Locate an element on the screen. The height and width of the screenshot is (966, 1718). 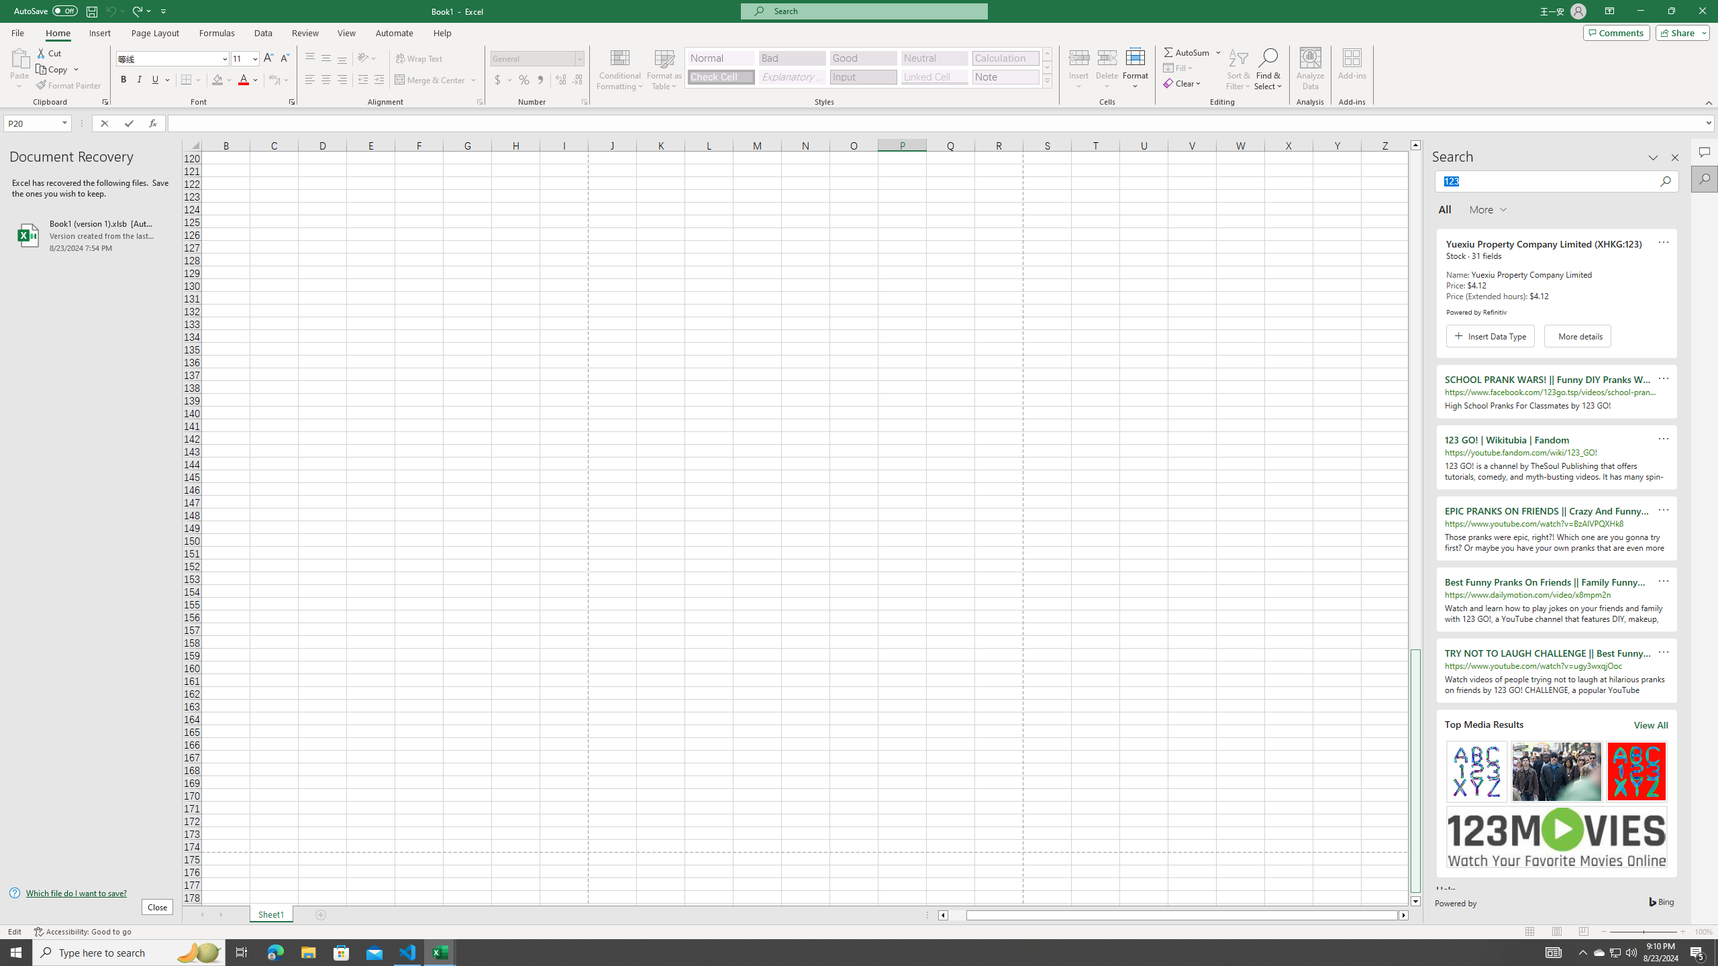
'Font Size' is located at coordinates (240, 58).